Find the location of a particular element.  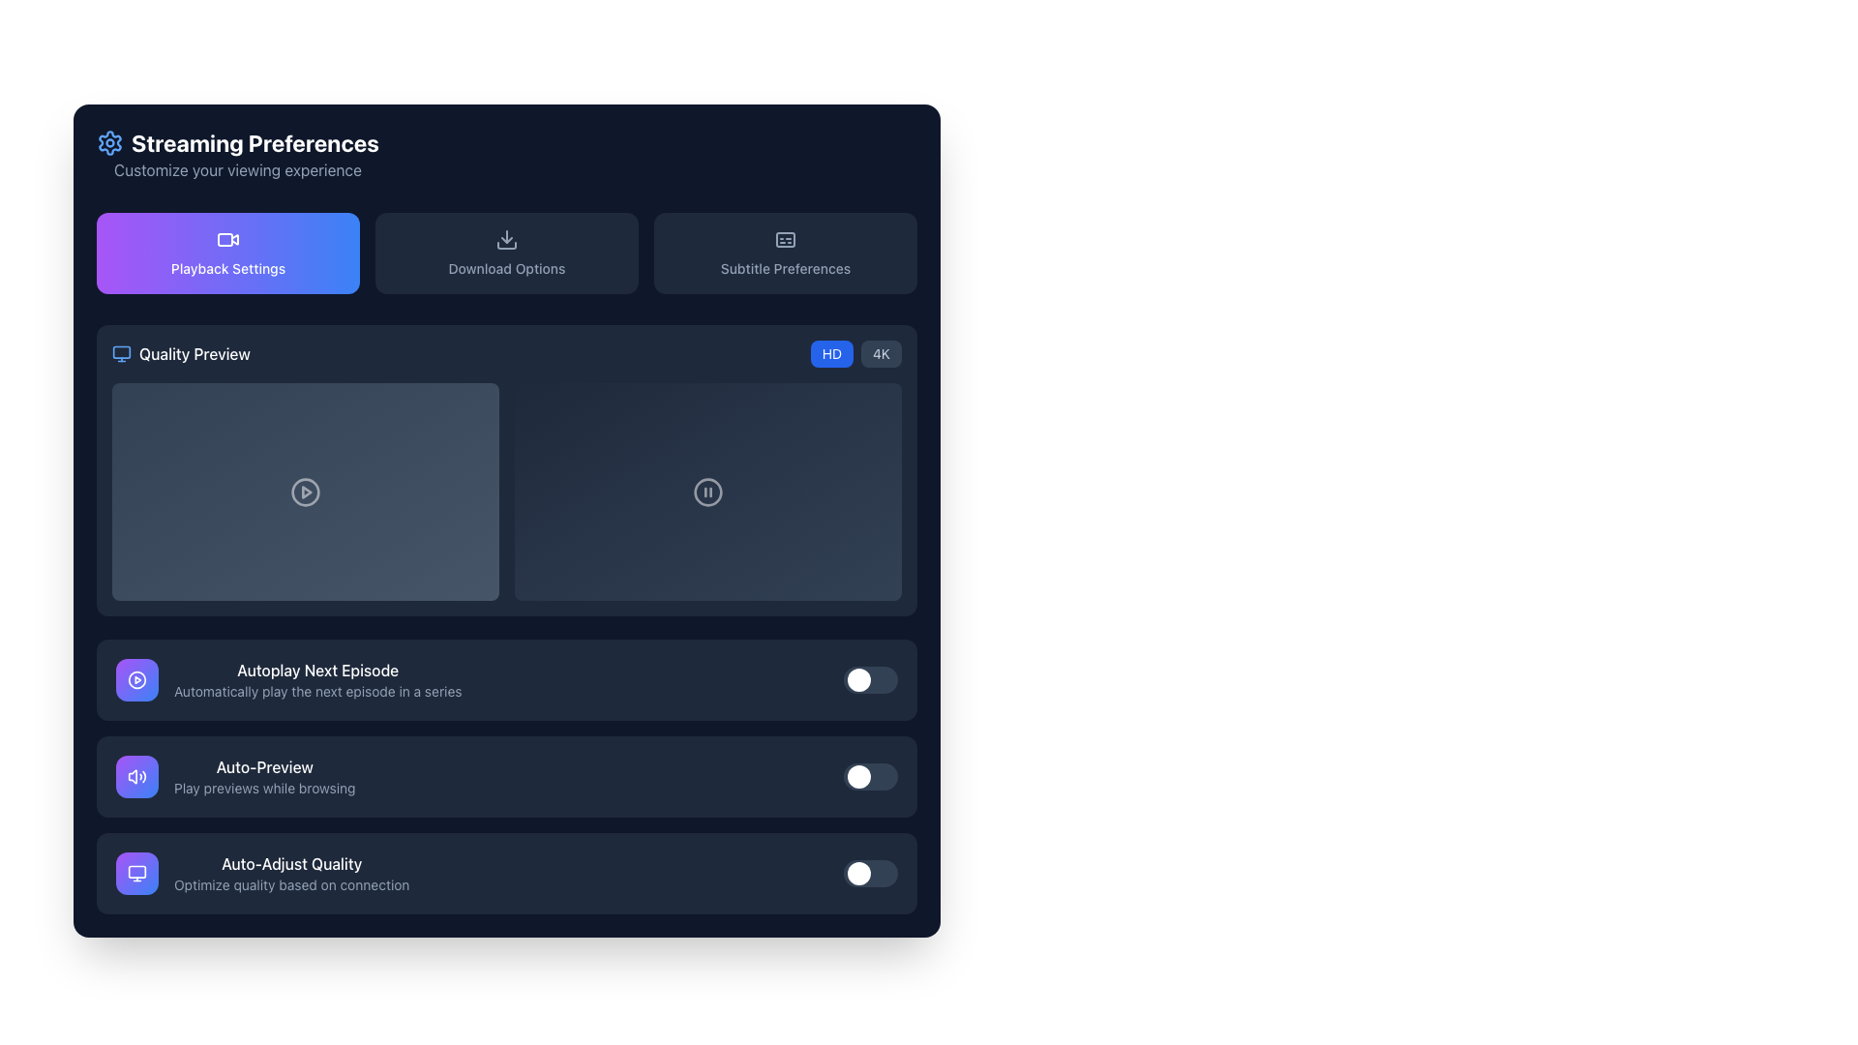

the autoplay next episode icon located at the start of the 'Autoplay Next Episode' row in the 'Playback Settings' section is located at coordinates (136, 678).